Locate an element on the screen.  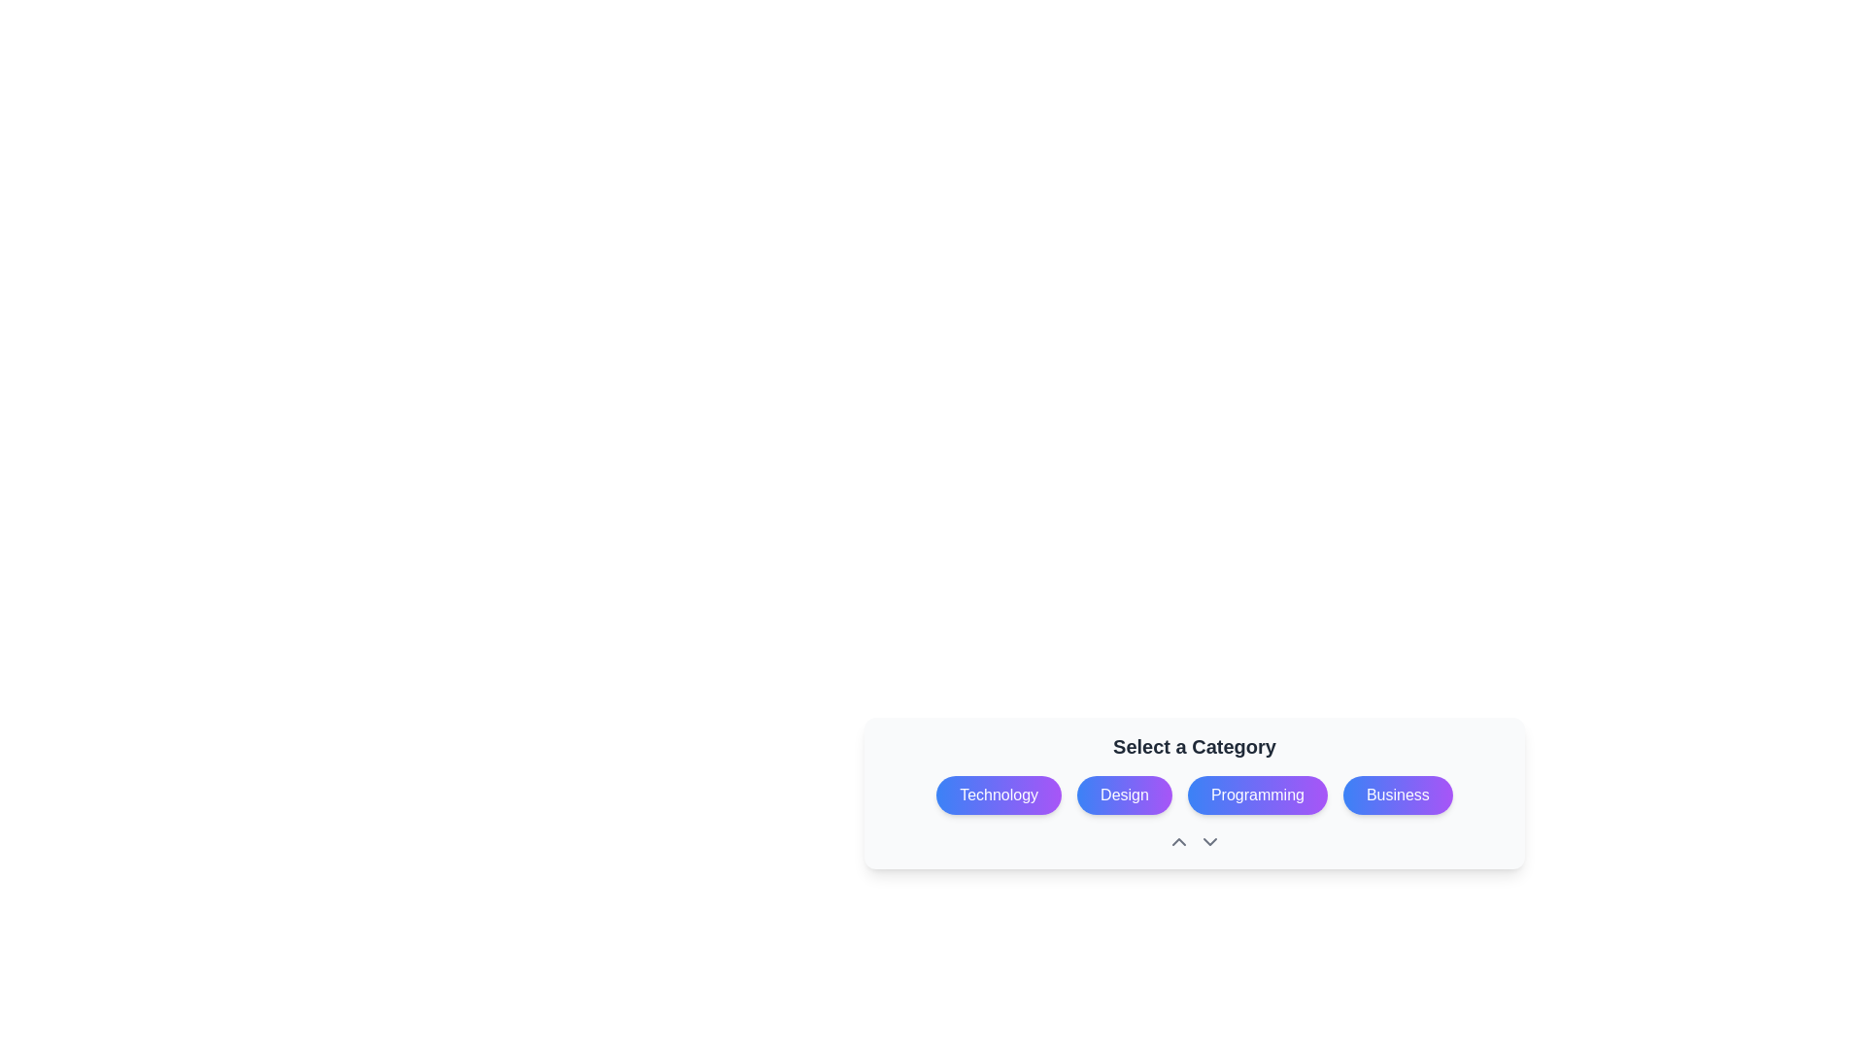
the 'Programming' button, which is the third button in a row of four rounded rectangular buttons styled with a gradient from blue to purple, located below the header 'Select a Category' is located at coordinates (1193, 795).